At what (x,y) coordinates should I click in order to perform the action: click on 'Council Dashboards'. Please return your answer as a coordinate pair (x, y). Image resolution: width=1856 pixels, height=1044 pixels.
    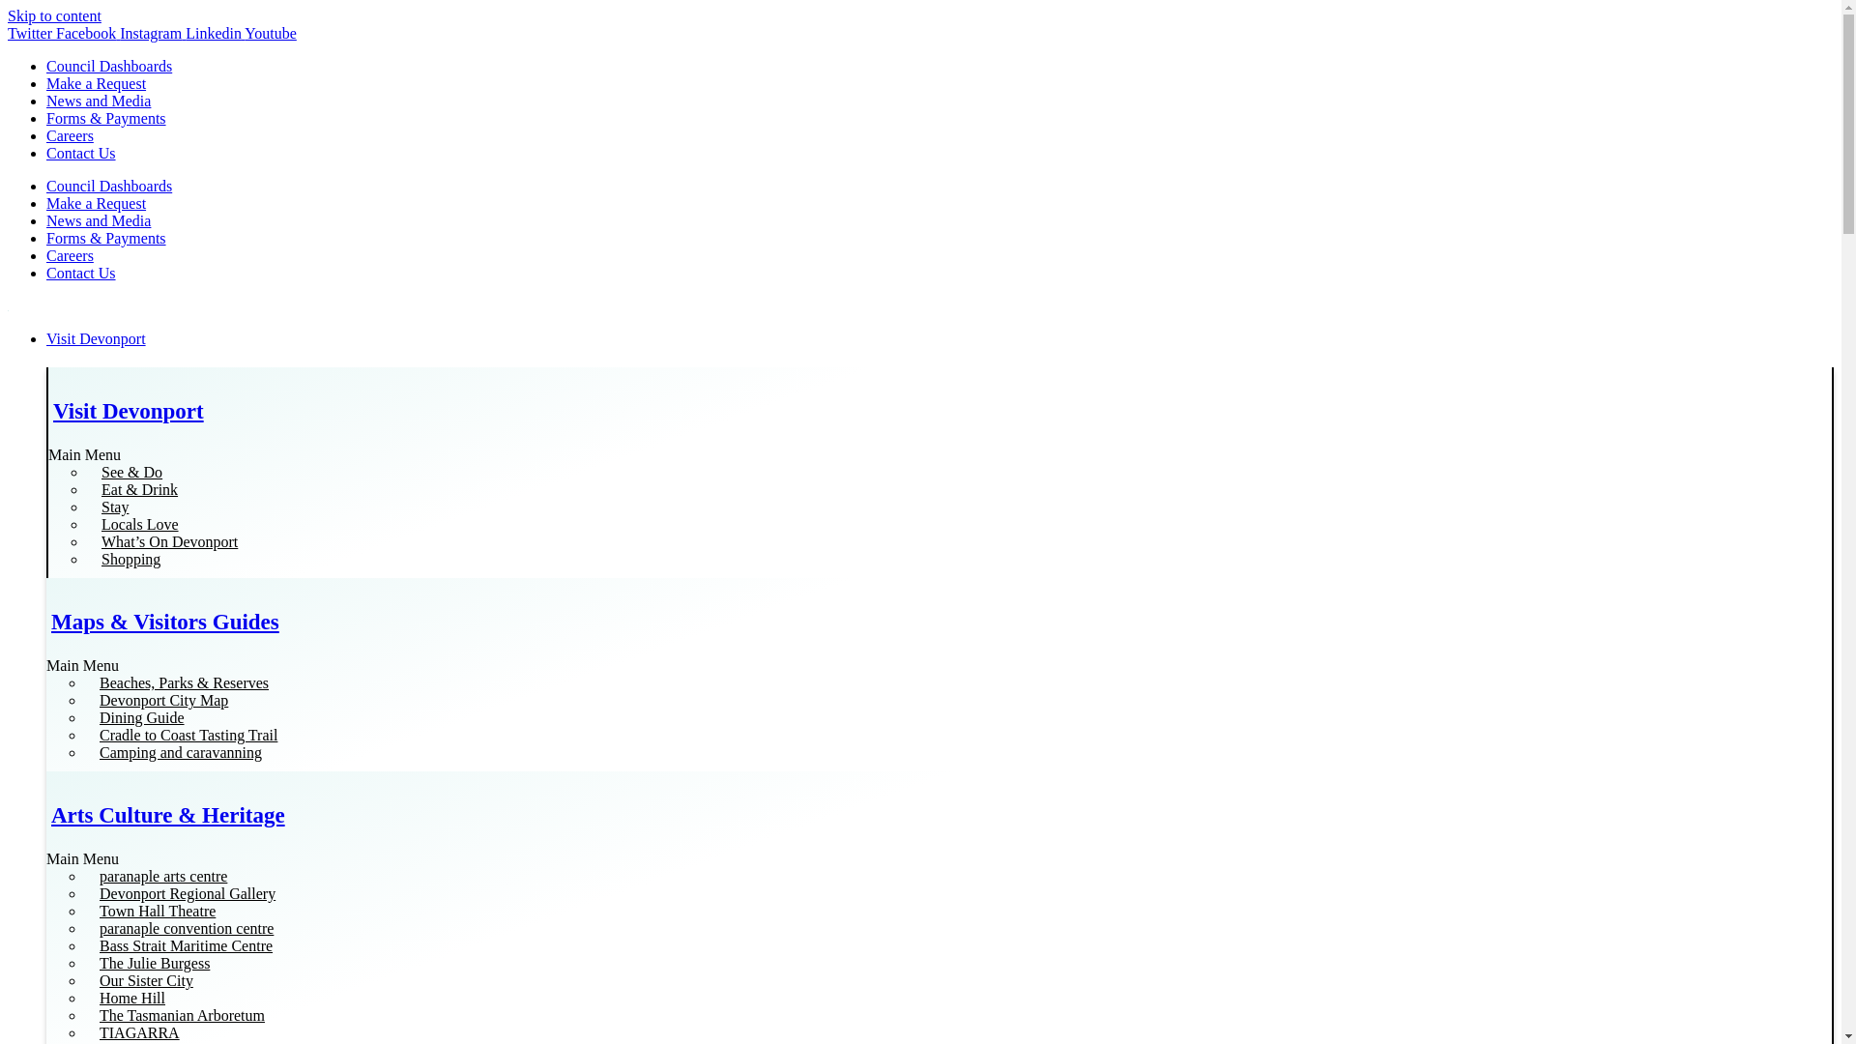
    Looking at the image, I should click on (108, 65).